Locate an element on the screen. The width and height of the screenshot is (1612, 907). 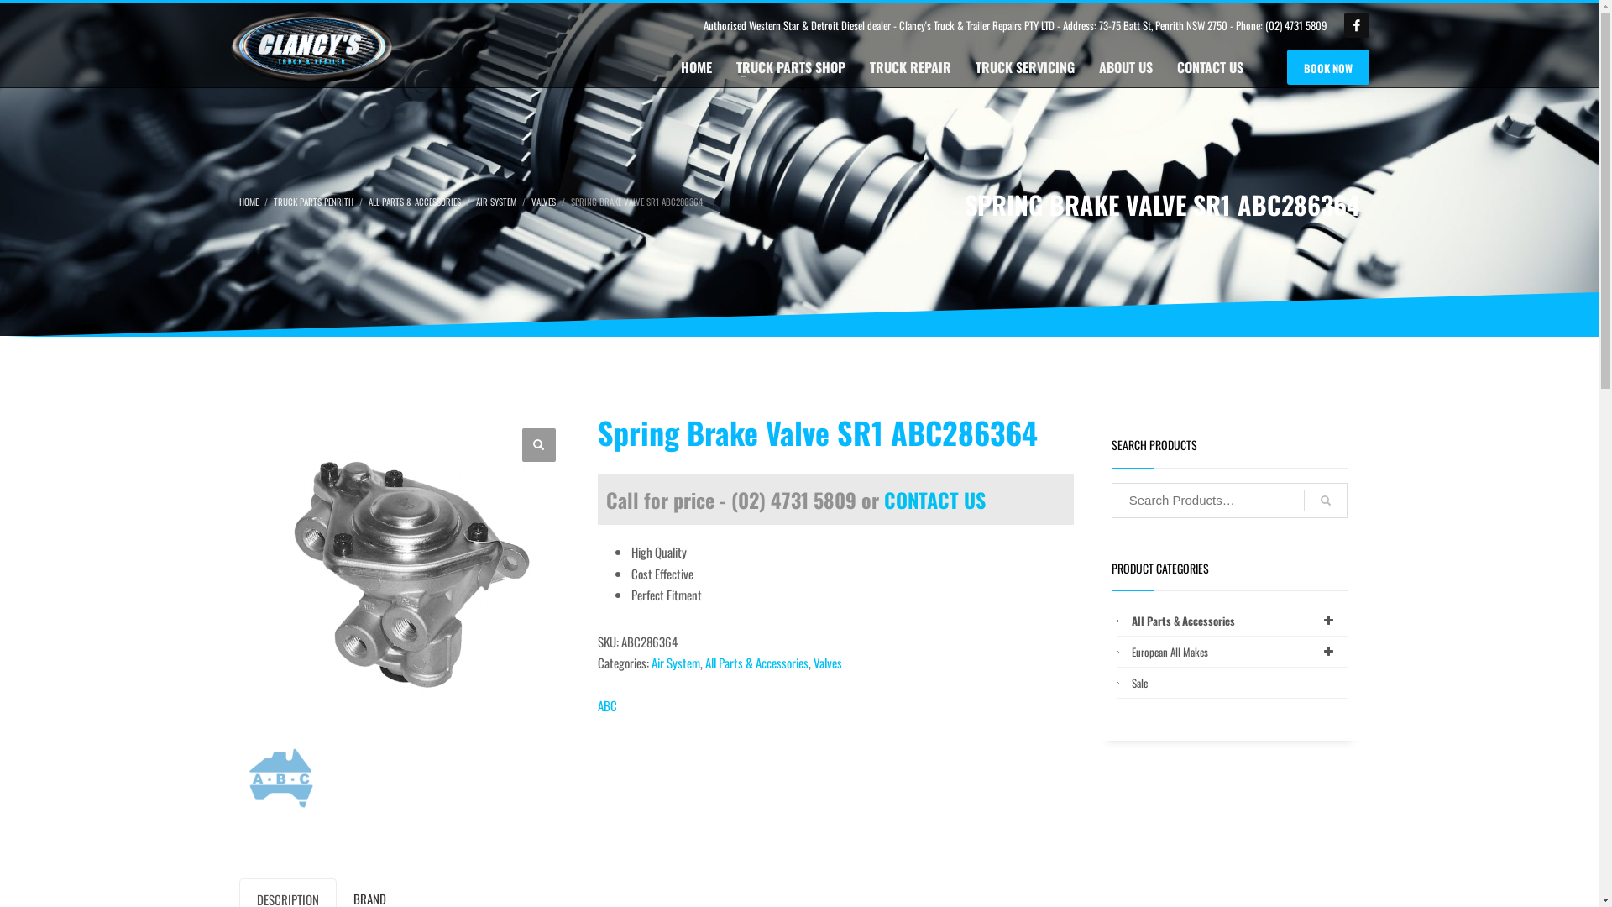
'Search for:' is located at coordinates (1229, 500).